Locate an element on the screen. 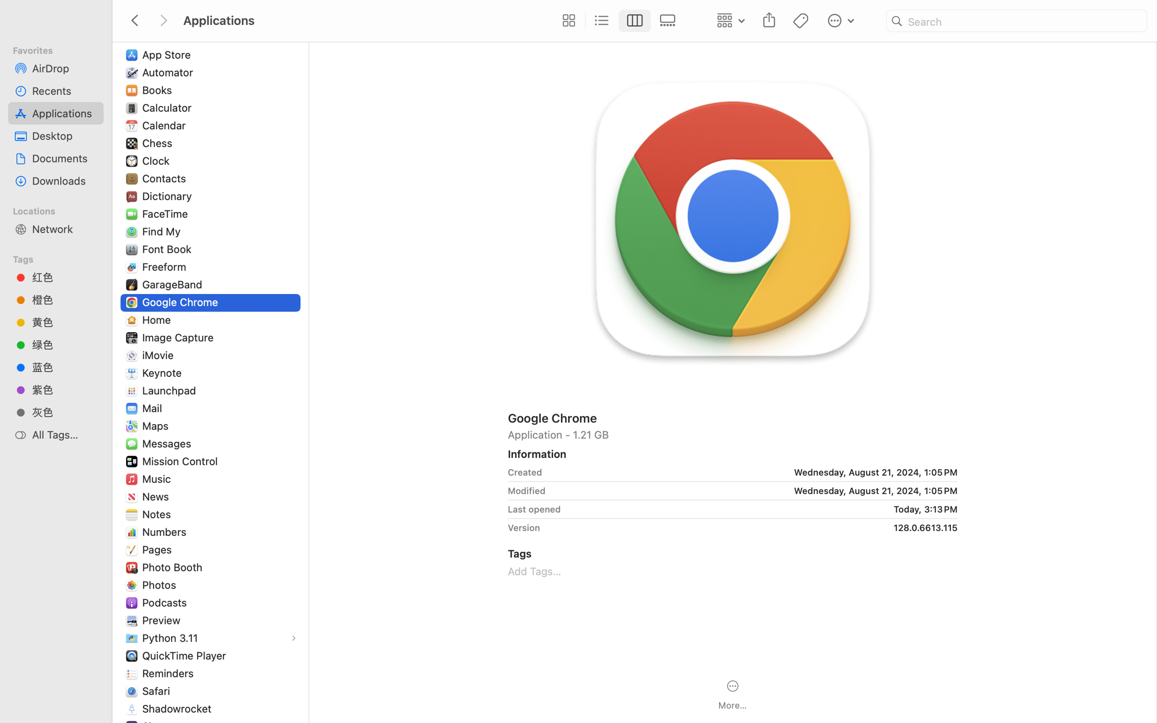 This screenshot has width=1157, height=723. 'Preview' is located at coordinates (163, 620).